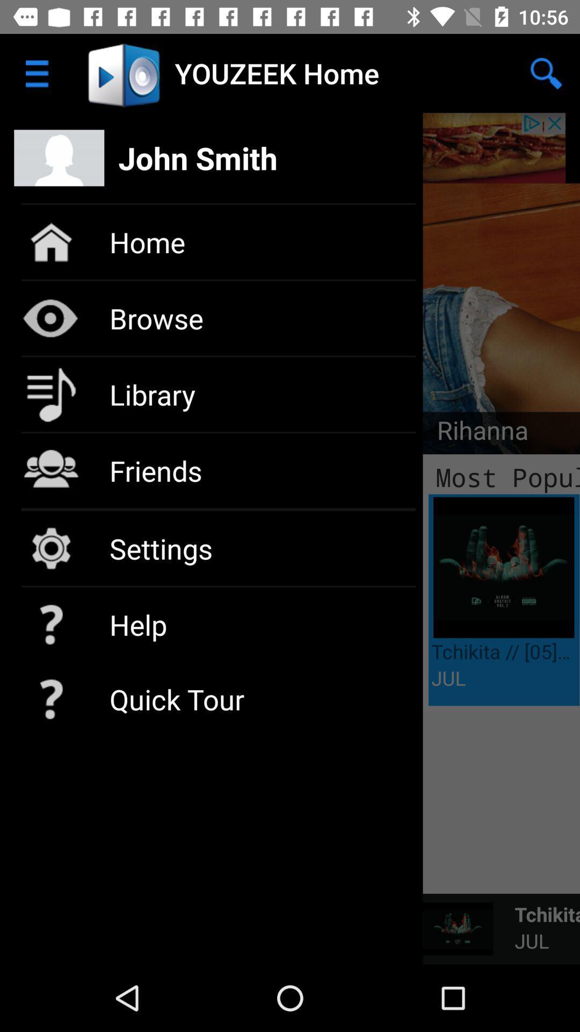 The image size is (580, 1032). I want to click on the item above the most popular item, so click(475, 433).